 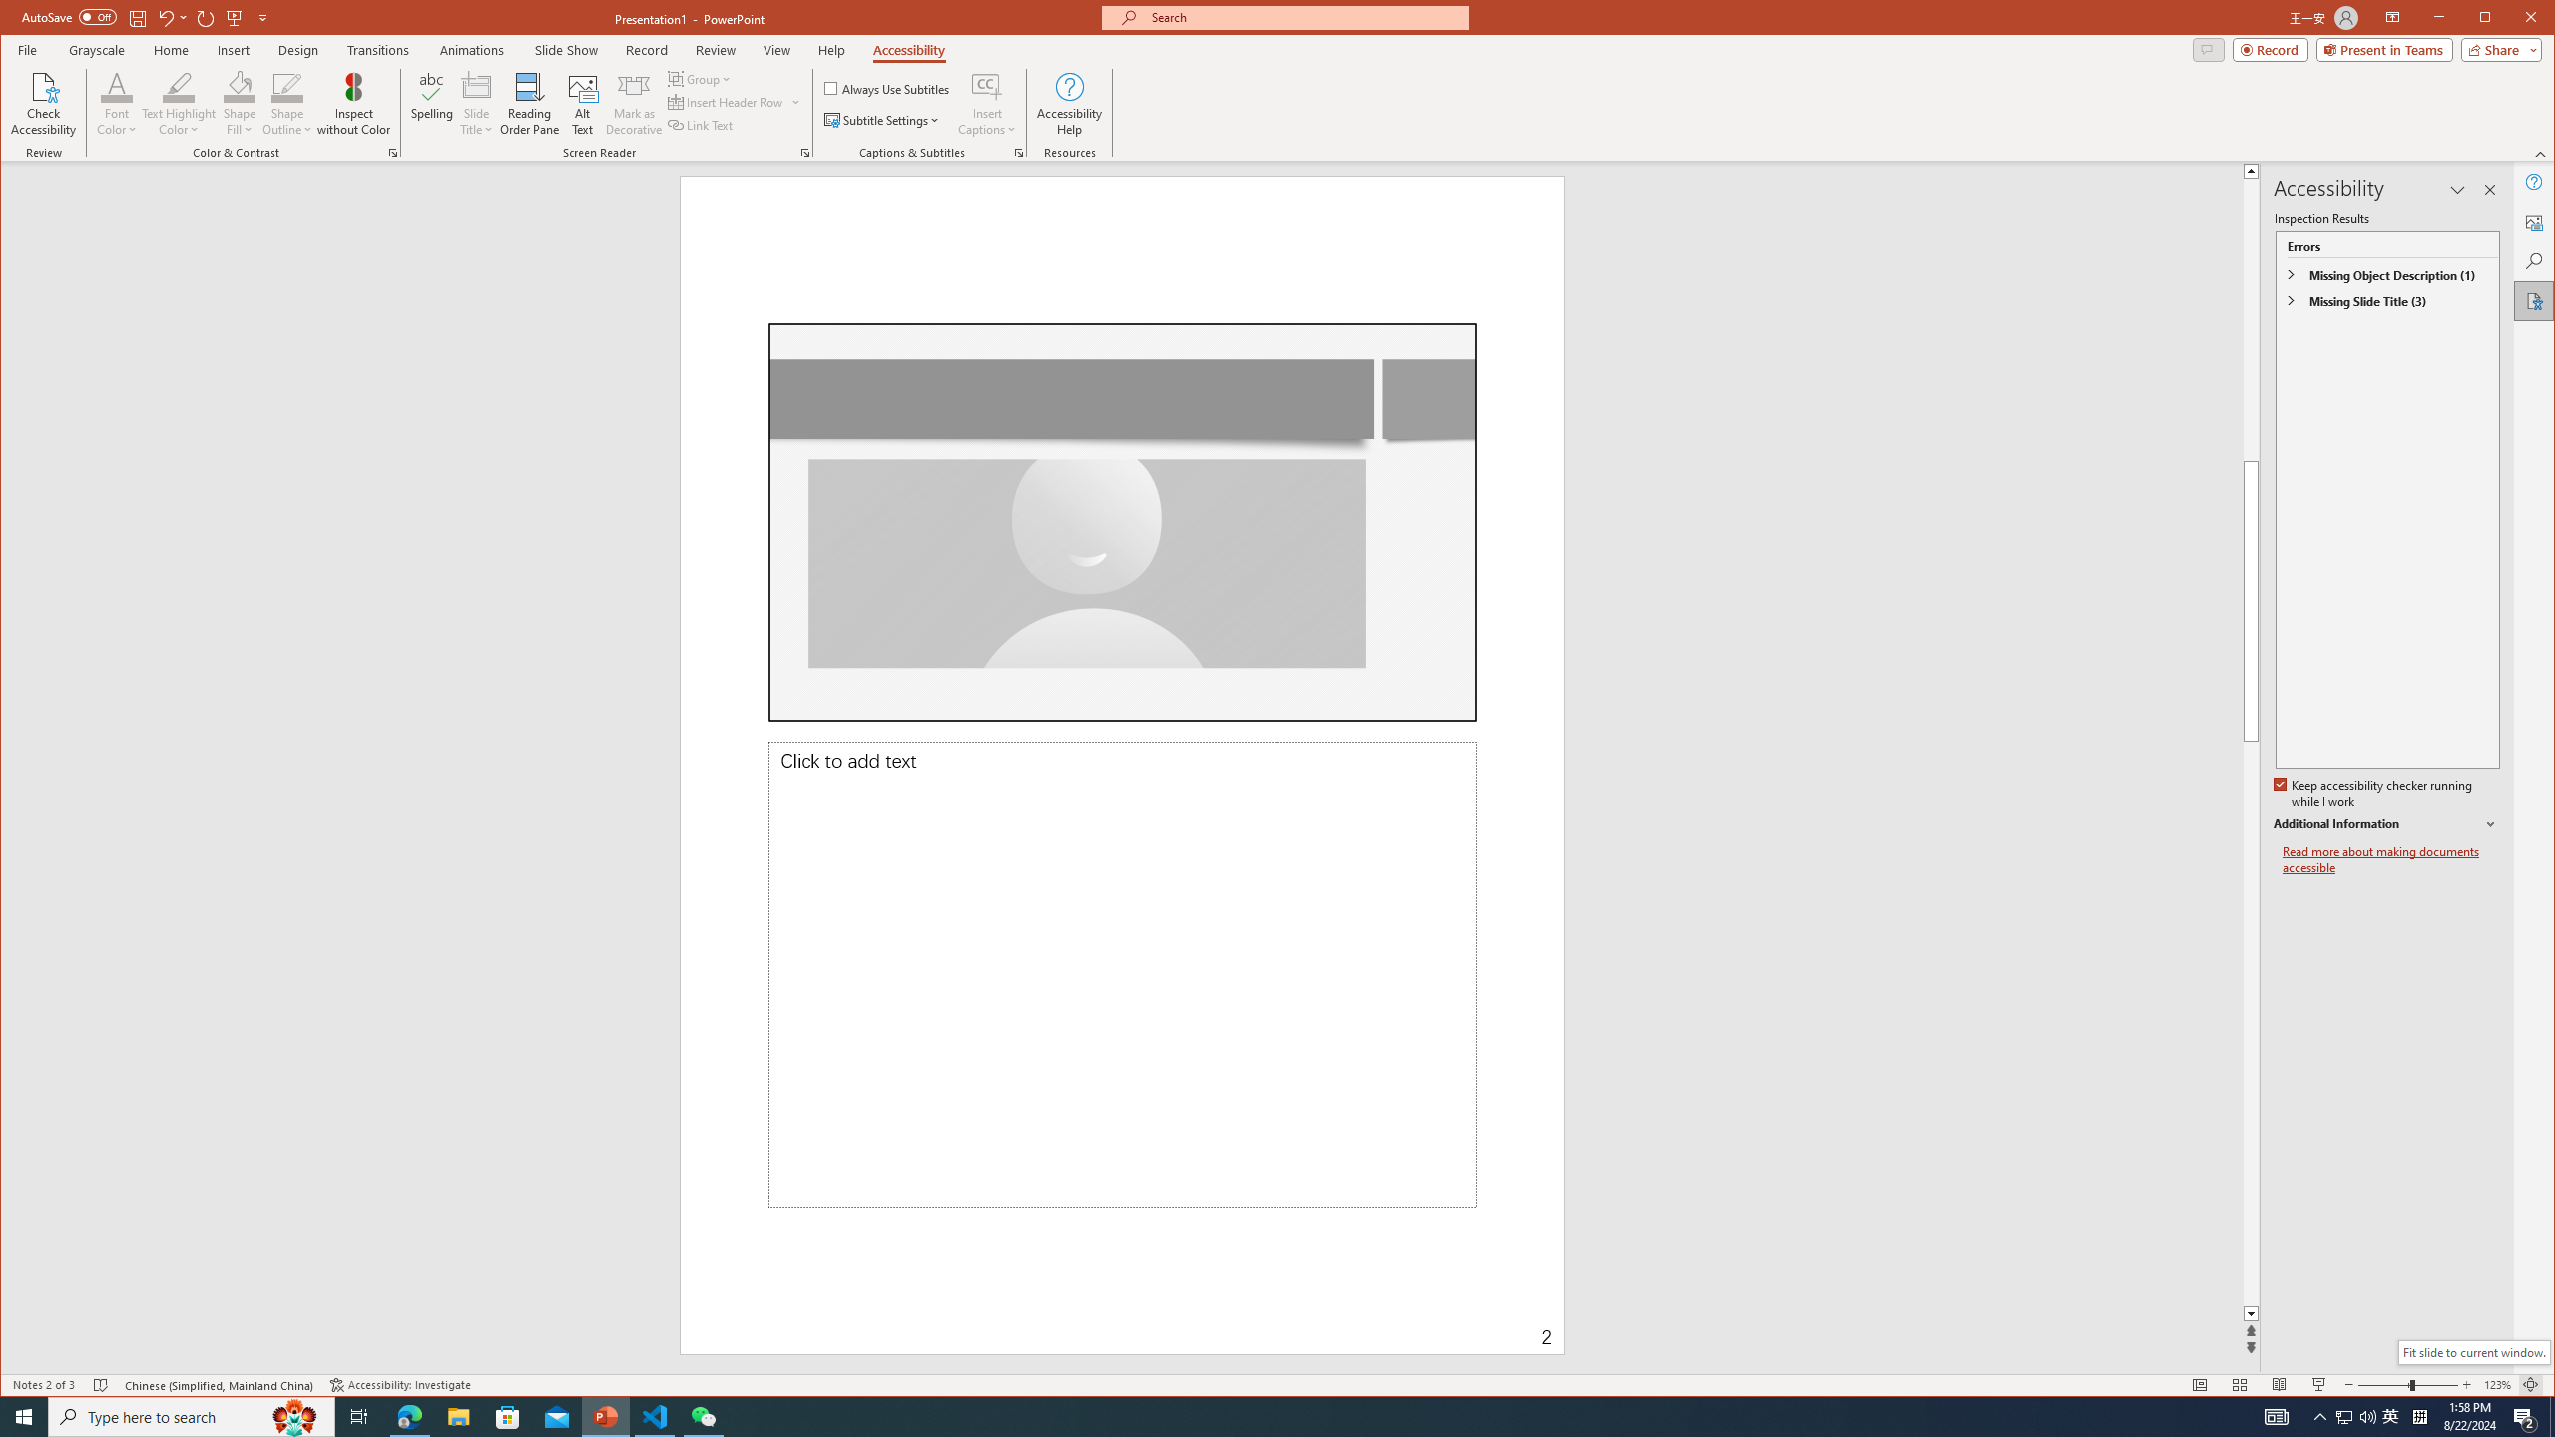 I want to click on 'Insert Captions', so click(x=986, y=103).